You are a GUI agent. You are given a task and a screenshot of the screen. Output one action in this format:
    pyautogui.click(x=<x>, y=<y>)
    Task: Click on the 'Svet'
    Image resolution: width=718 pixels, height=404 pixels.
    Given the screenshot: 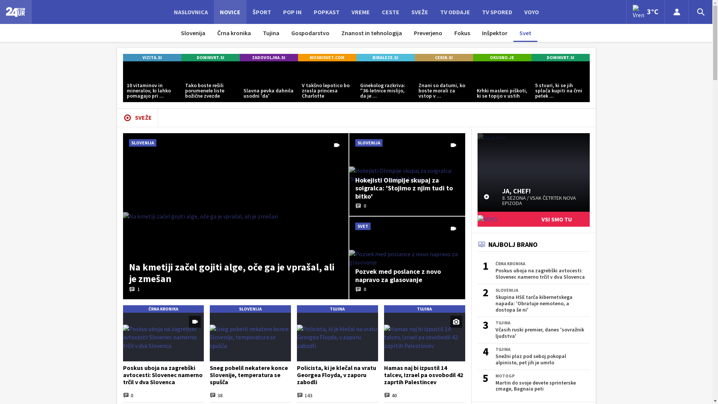 What is the action you would take?
    pyautogui.click(x=525, y=33)
    